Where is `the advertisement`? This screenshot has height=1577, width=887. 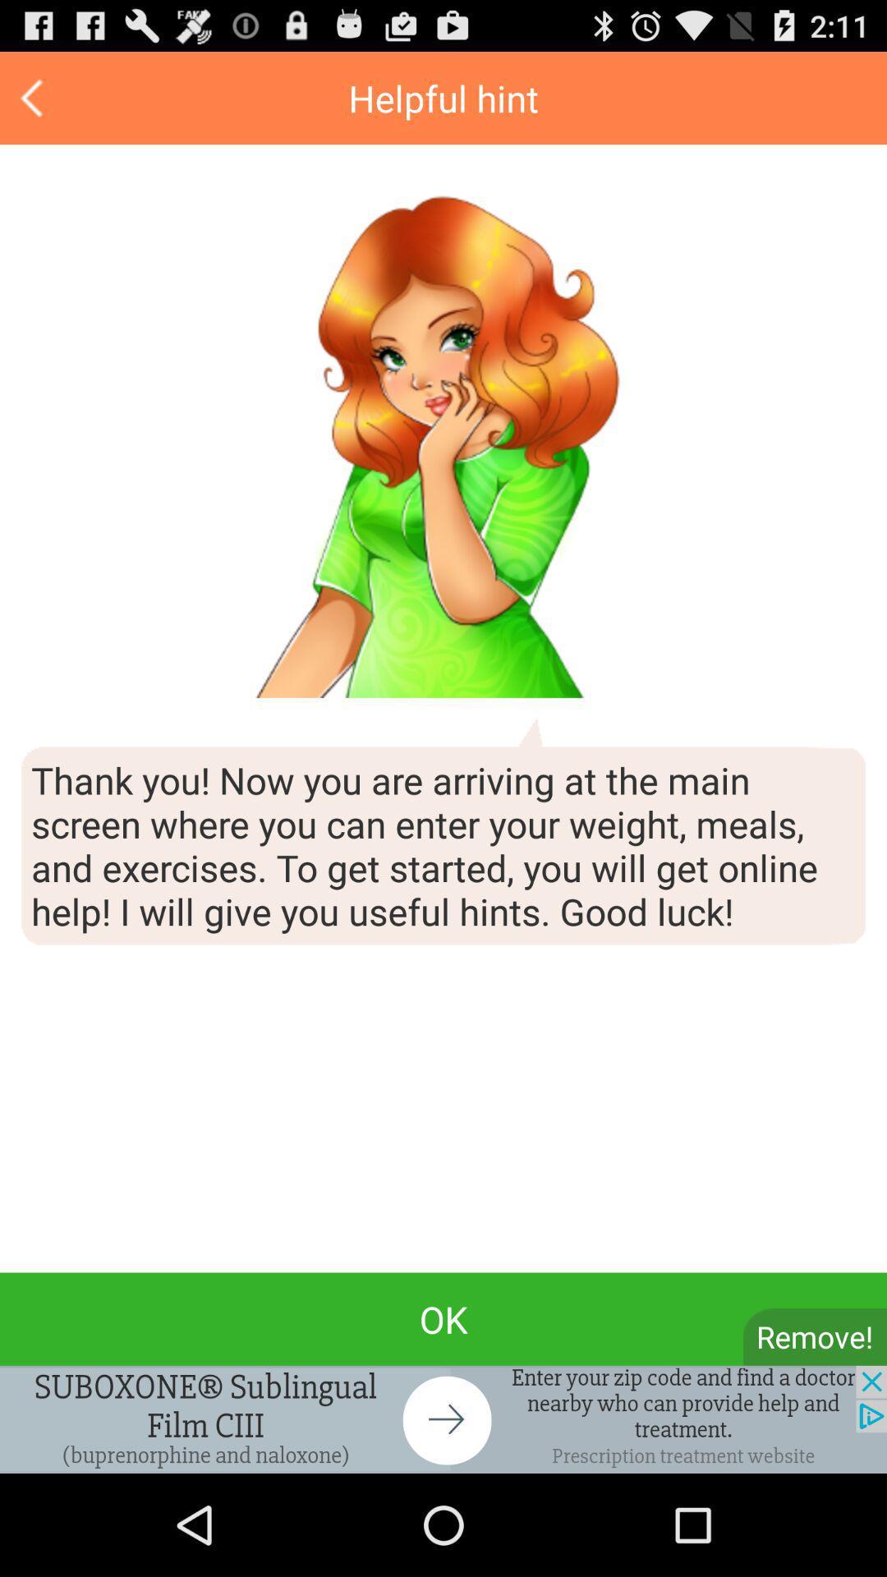
the advertisement is located at coordinates (443, 1418).